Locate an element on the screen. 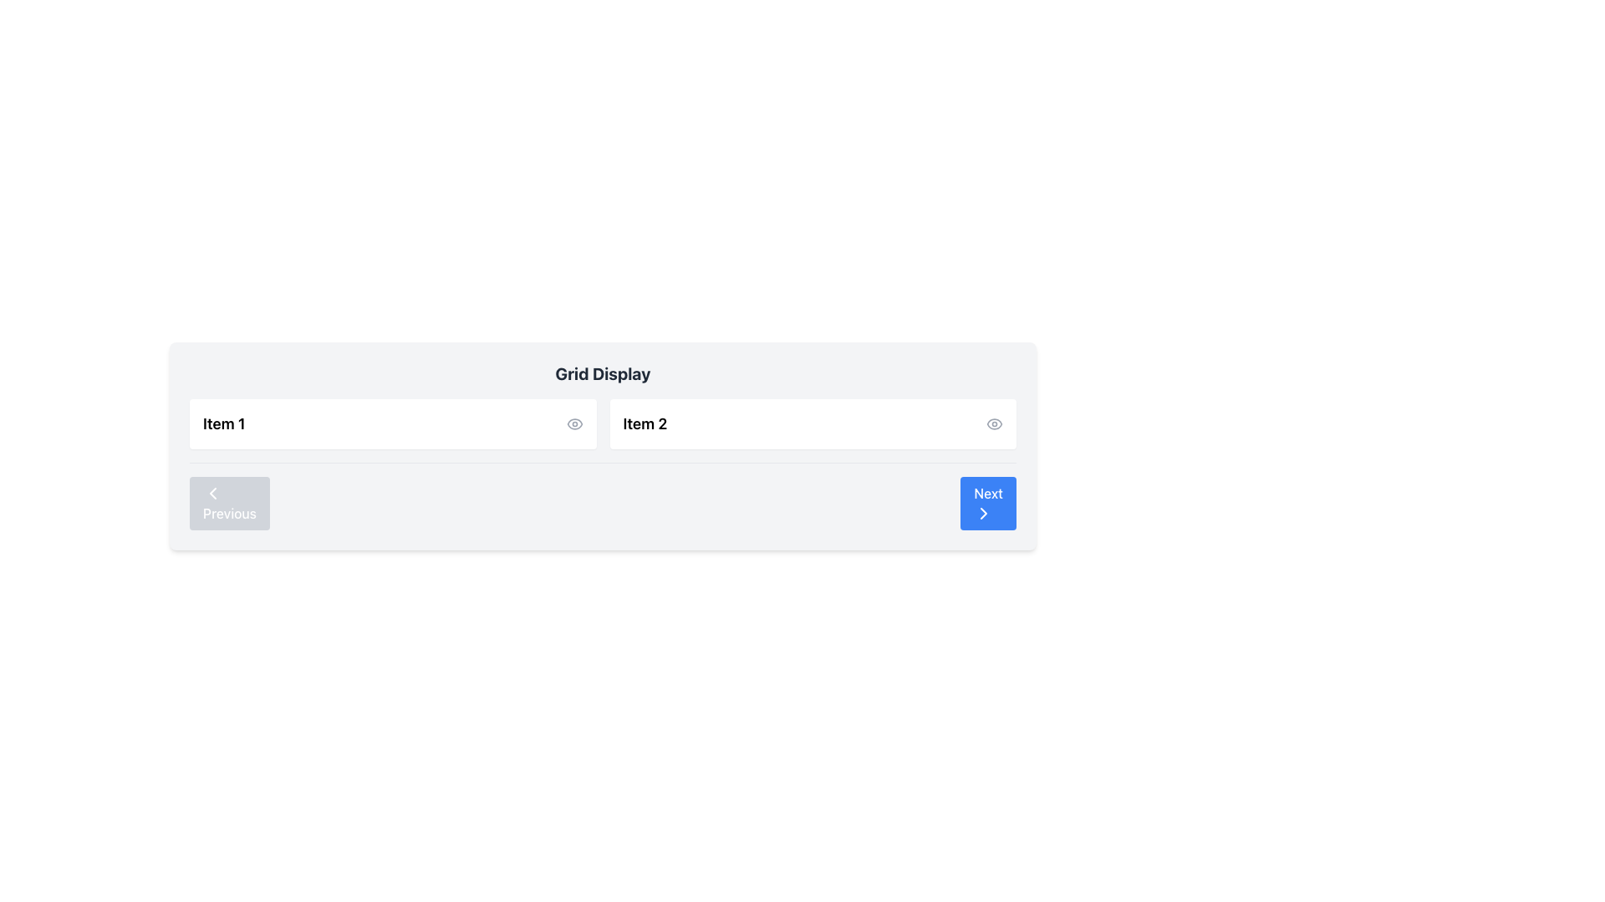 The image size is (1605, 902). the eye icon button located on the right side of the row for 'Item 1' is located at coordinates (574, 423).